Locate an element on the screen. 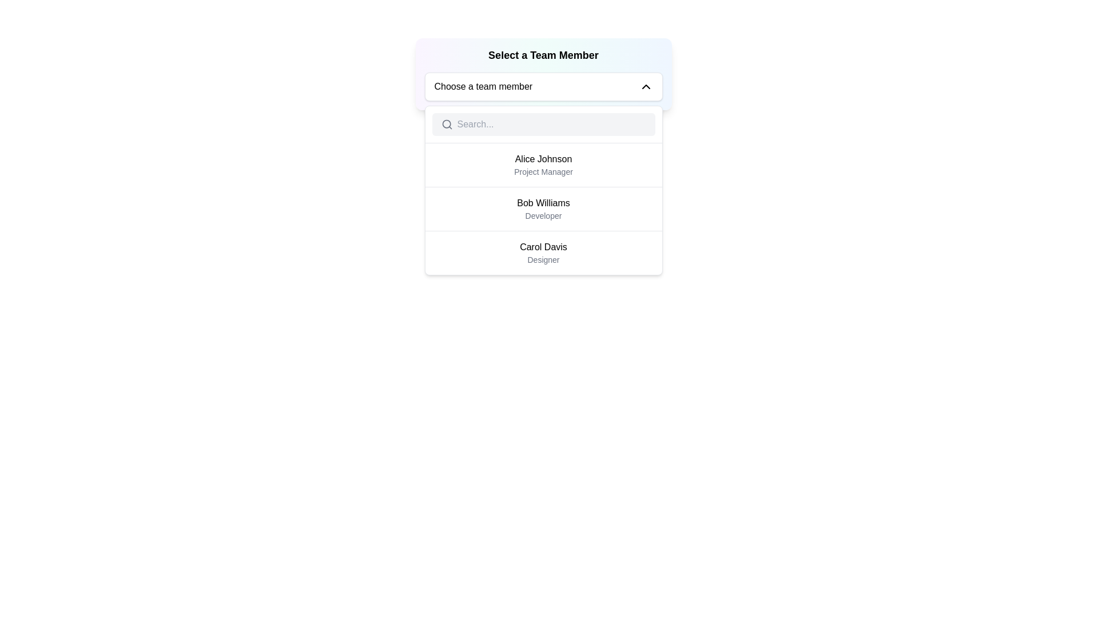 The image size is (1098, 617). the icon button that toggles the dropdown menu for 'Choose a team member' is located at coordinates (646, 86).